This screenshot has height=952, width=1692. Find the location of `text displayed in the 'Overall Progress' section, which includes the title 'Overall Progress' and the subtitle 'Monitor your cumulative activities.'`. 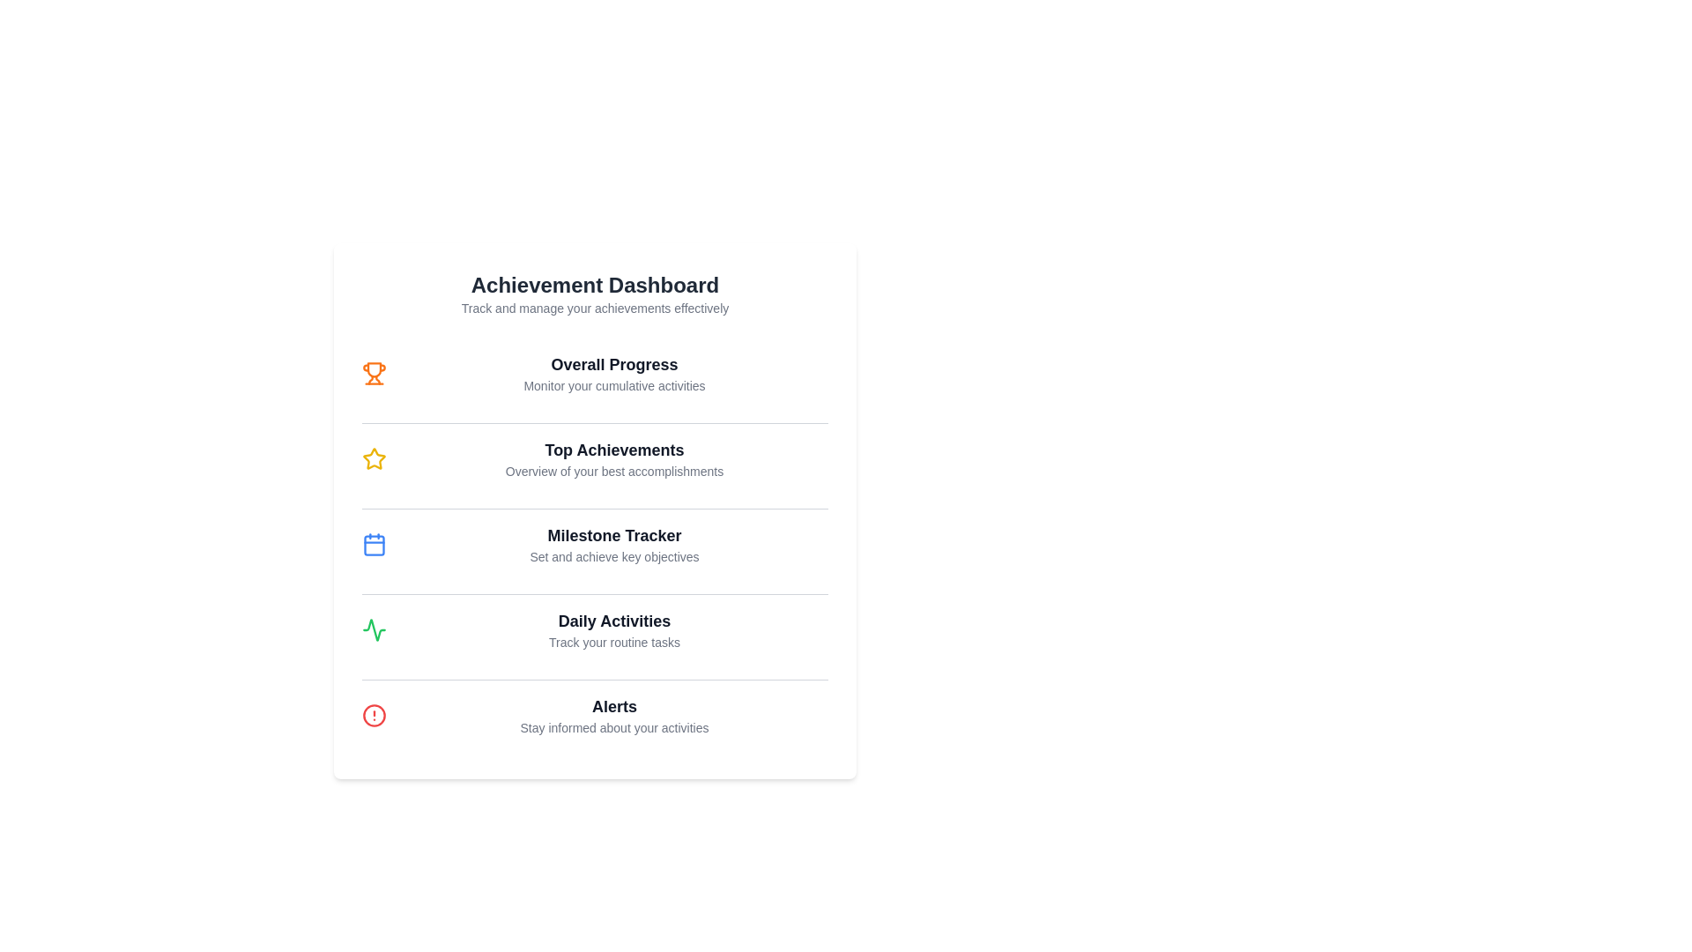

text displayed in the 'Overall Progress' section, which includes the title 'Overall Progress' and the subtitle 'Monitor your cumulative activities.' is located at coordinates (614, 373).